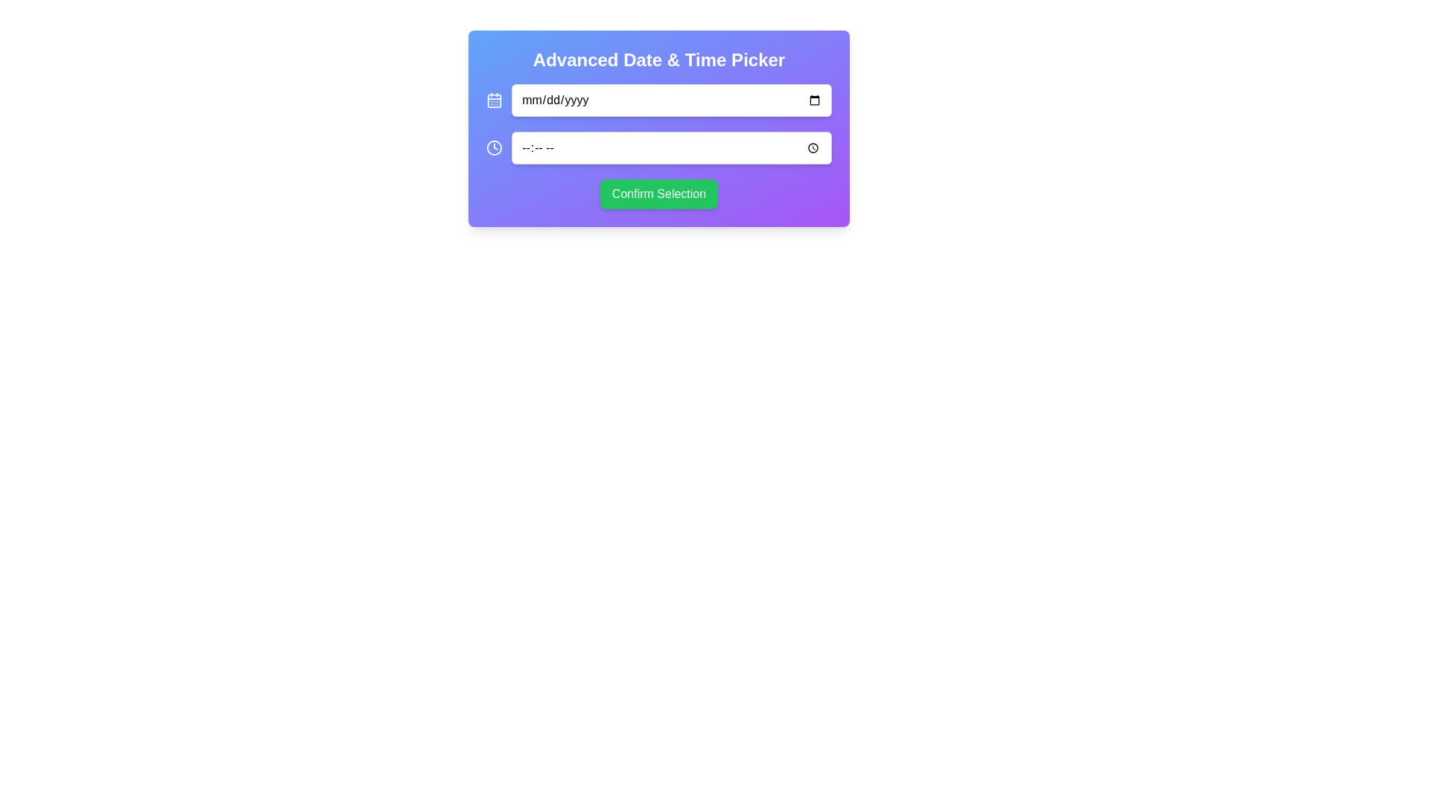 The width and height of the screenshot is (1430, 804). I want to click on the confirmation button located at the bottom of the 'Advanced Date & Time Picker' form to finalize the user's inputs, so click(658, 194).